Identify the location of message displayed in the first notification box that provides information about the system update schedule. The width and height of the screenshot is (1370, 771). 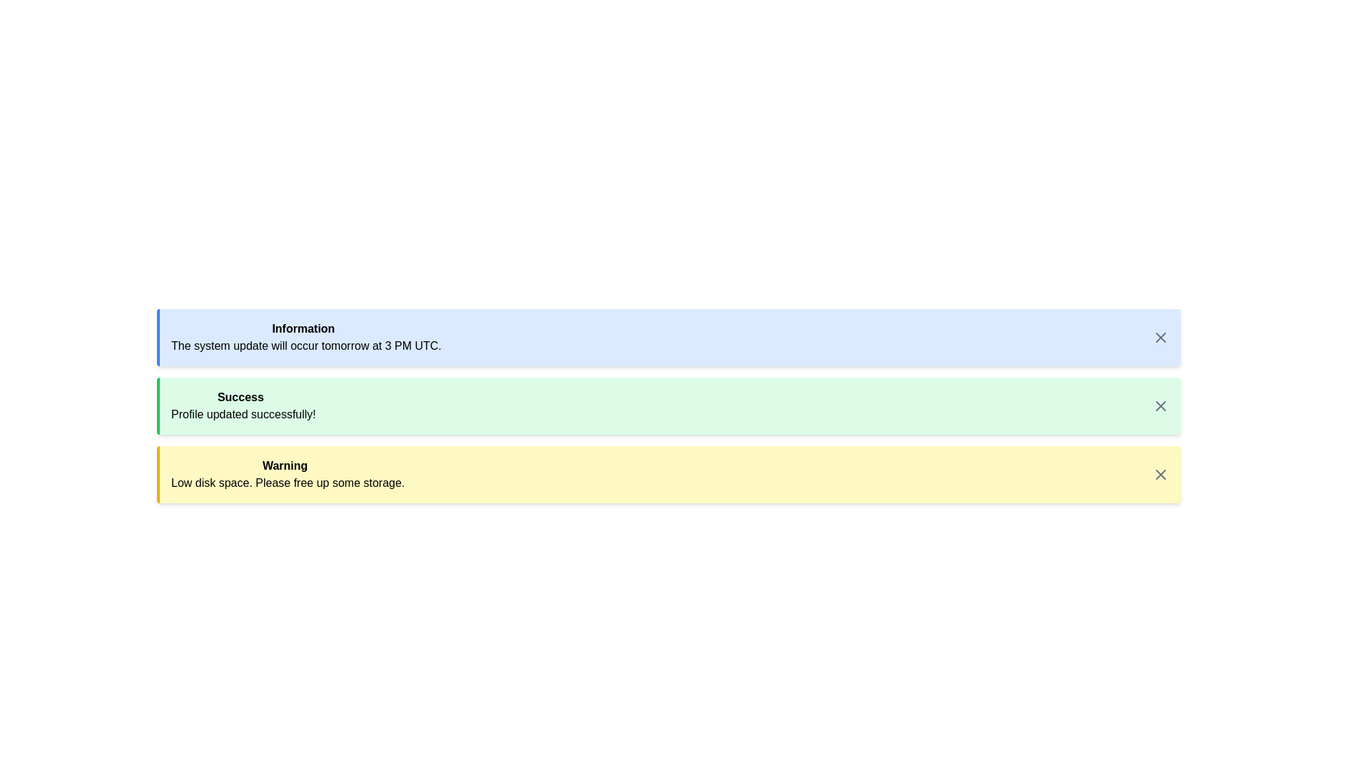
(668, 338).